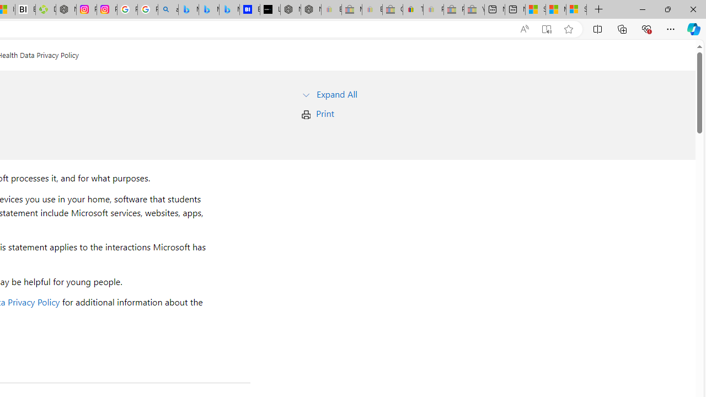 The image size is (706, 397). What do you see at coordinates (536, 9) in the screenshot?
I see `'Shanghai, China hourly forecast | Microsoft Weather'` at bounding box center [536, 9].